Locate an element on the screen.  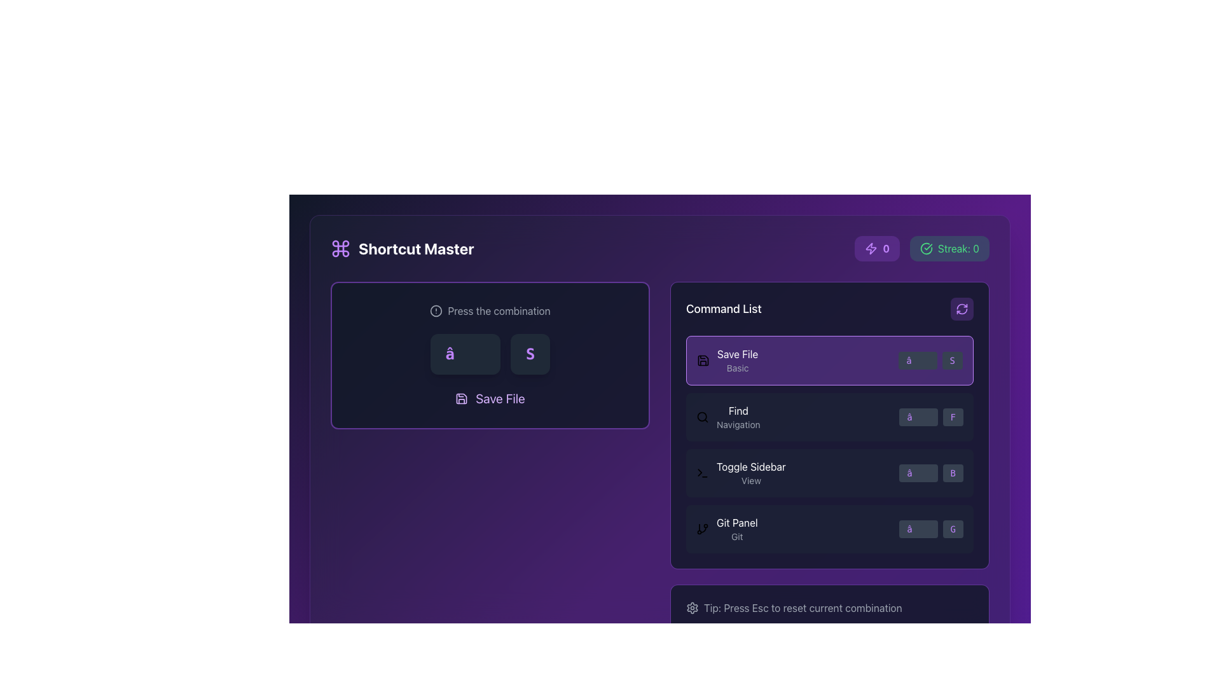
the text label that toggles the visibility of the sidebar, located in the 'Command List' section, specifically the third item below 'Find' and above 'Git Panel' is located at coordinates (751, 473).